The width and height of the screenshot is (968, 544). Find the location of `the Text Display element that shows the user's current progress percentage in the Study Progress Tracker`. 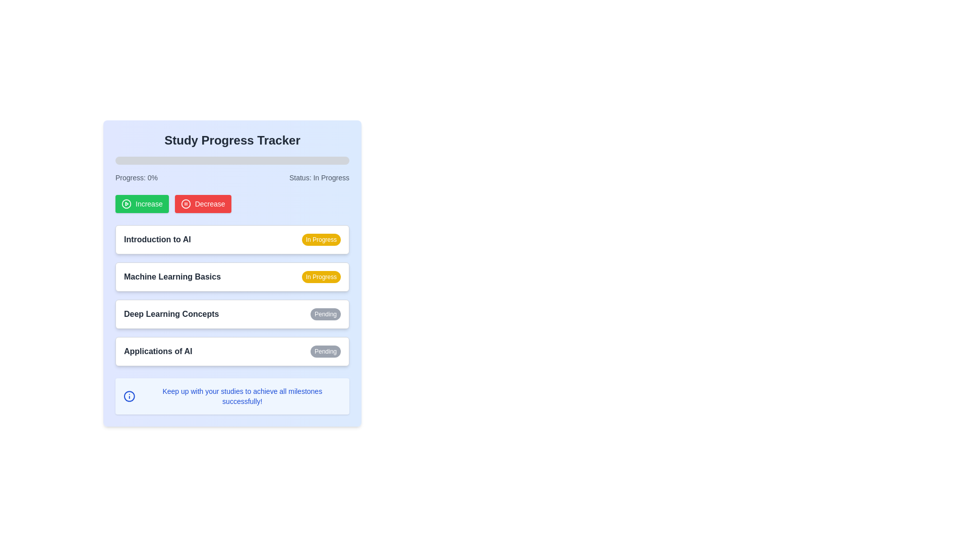

the Text Display element that shows the user's current progress percentage in the Study Progress Tracker is located at coordinates (136, 177).